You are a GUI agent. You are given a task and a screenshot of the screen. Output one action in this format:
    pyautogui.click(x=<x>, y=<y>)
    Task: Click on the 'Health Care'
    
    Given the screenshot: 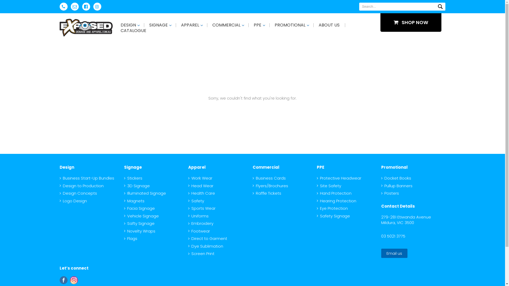 What is the action you would take?
    pyautogui.click(x=201, y=193)
    